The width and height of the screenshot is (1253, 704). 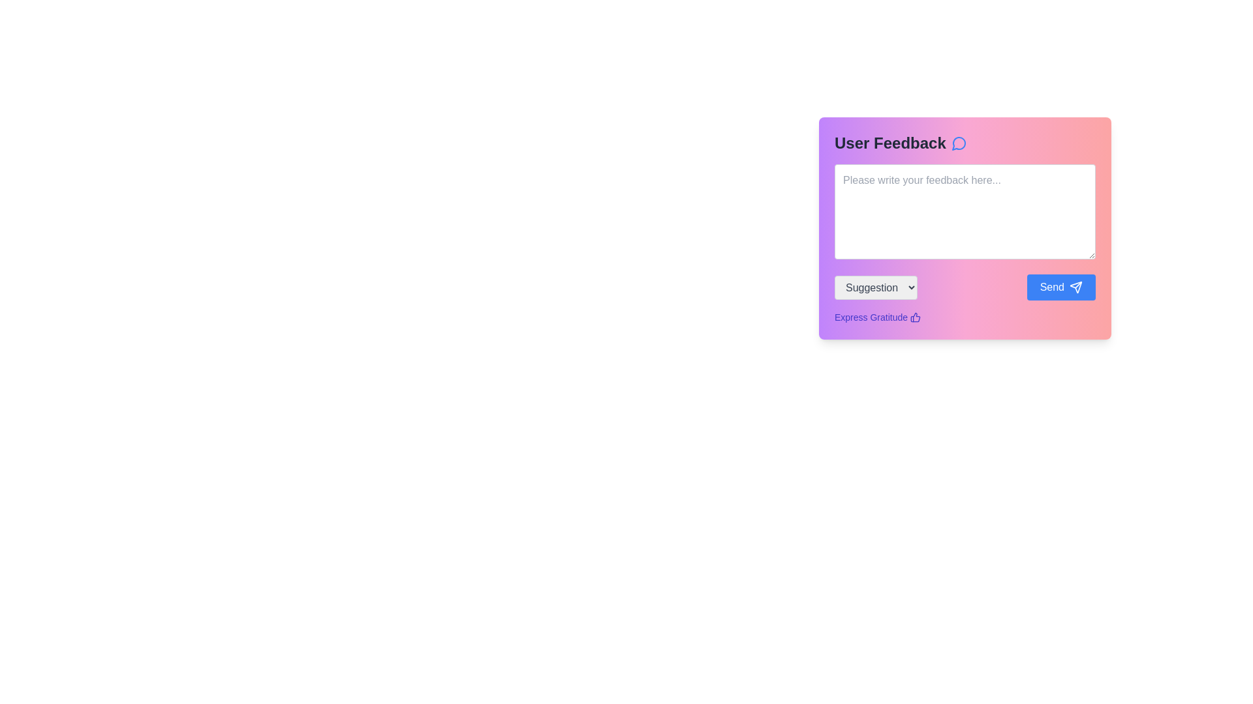 I want to click on the gratitude icon located immediately to the right of the 'Express Gratitude' text at the bottom of the feedback form to express appreciation, so click(x=915, y=317).